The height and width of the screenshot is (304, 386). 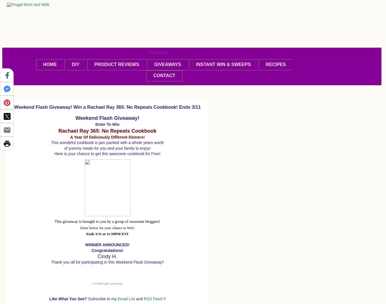 What do you see at coordinates (94, 283) in the screenshot?
I see `'Rafflecopter'` at bounding box center [94, 283].